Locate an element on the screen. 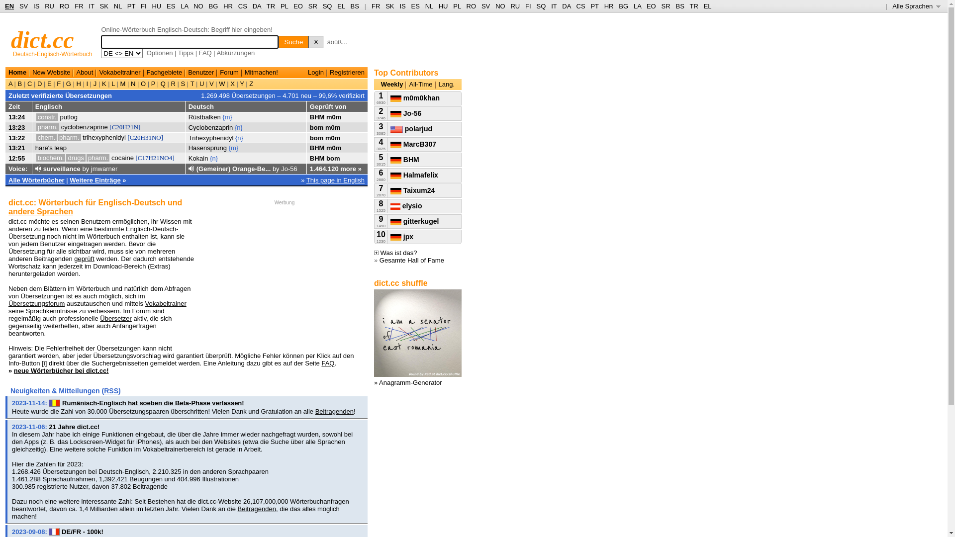 The width and height of the screenshot is (955, 537). 'LA' is located at coordinates (637, 6).